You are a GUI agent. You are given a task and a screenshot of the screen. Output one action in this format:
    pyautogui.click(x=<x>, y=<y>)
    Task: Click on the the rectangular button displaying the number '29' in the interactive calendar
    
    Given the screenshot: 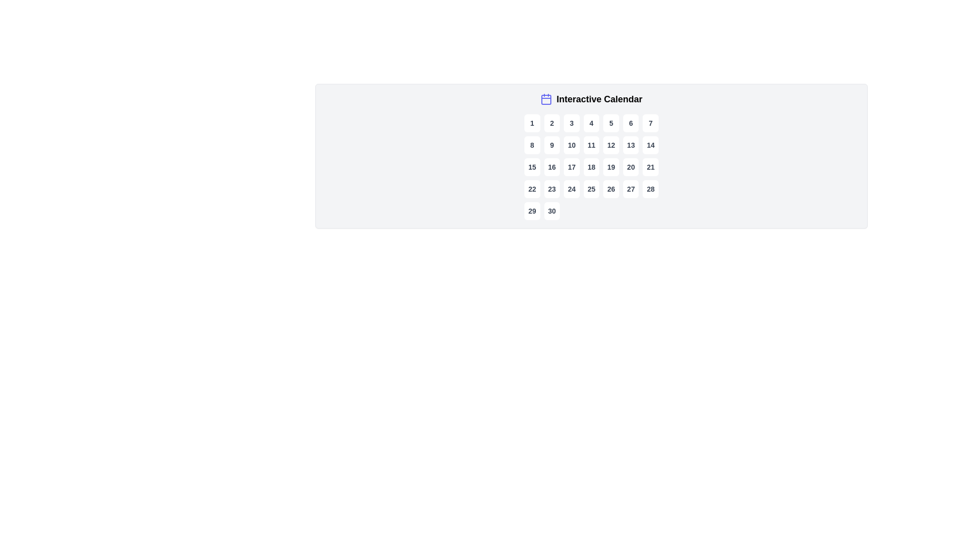 What is the action you would take?
    pyautogui.click(x=531, y=211)
    